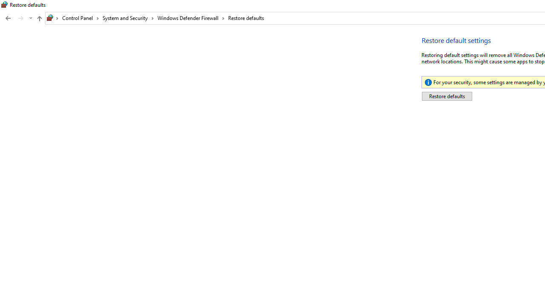 The height and width of the screenshot is (306, 545). What do you see at coordinates (128, 18) in the screenshot?
I see `'System and Security'` at bounding box center [128, 18].